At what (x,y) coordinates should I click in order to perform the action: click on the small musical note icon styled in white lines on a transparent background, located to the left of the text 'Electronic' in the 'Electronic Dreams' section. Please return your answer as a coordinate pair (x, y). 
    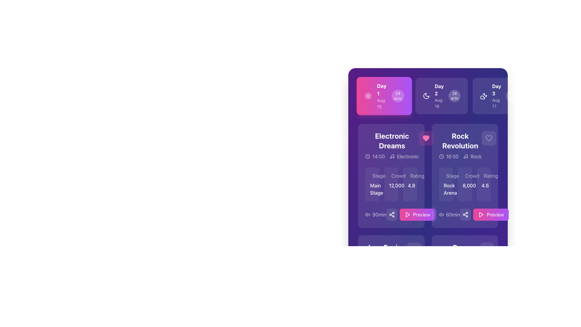
    Looking at the image, I should click on (392, 156).